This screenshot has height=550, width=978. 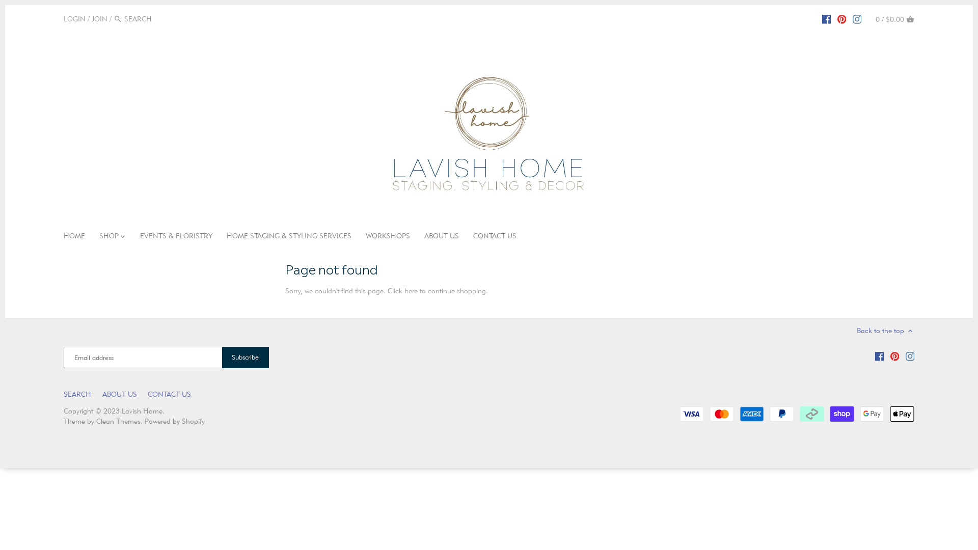 What do you see at coordinates (99, 19) in the screenshot?
I see `'JOIN'` at bounding box center [99, 19].